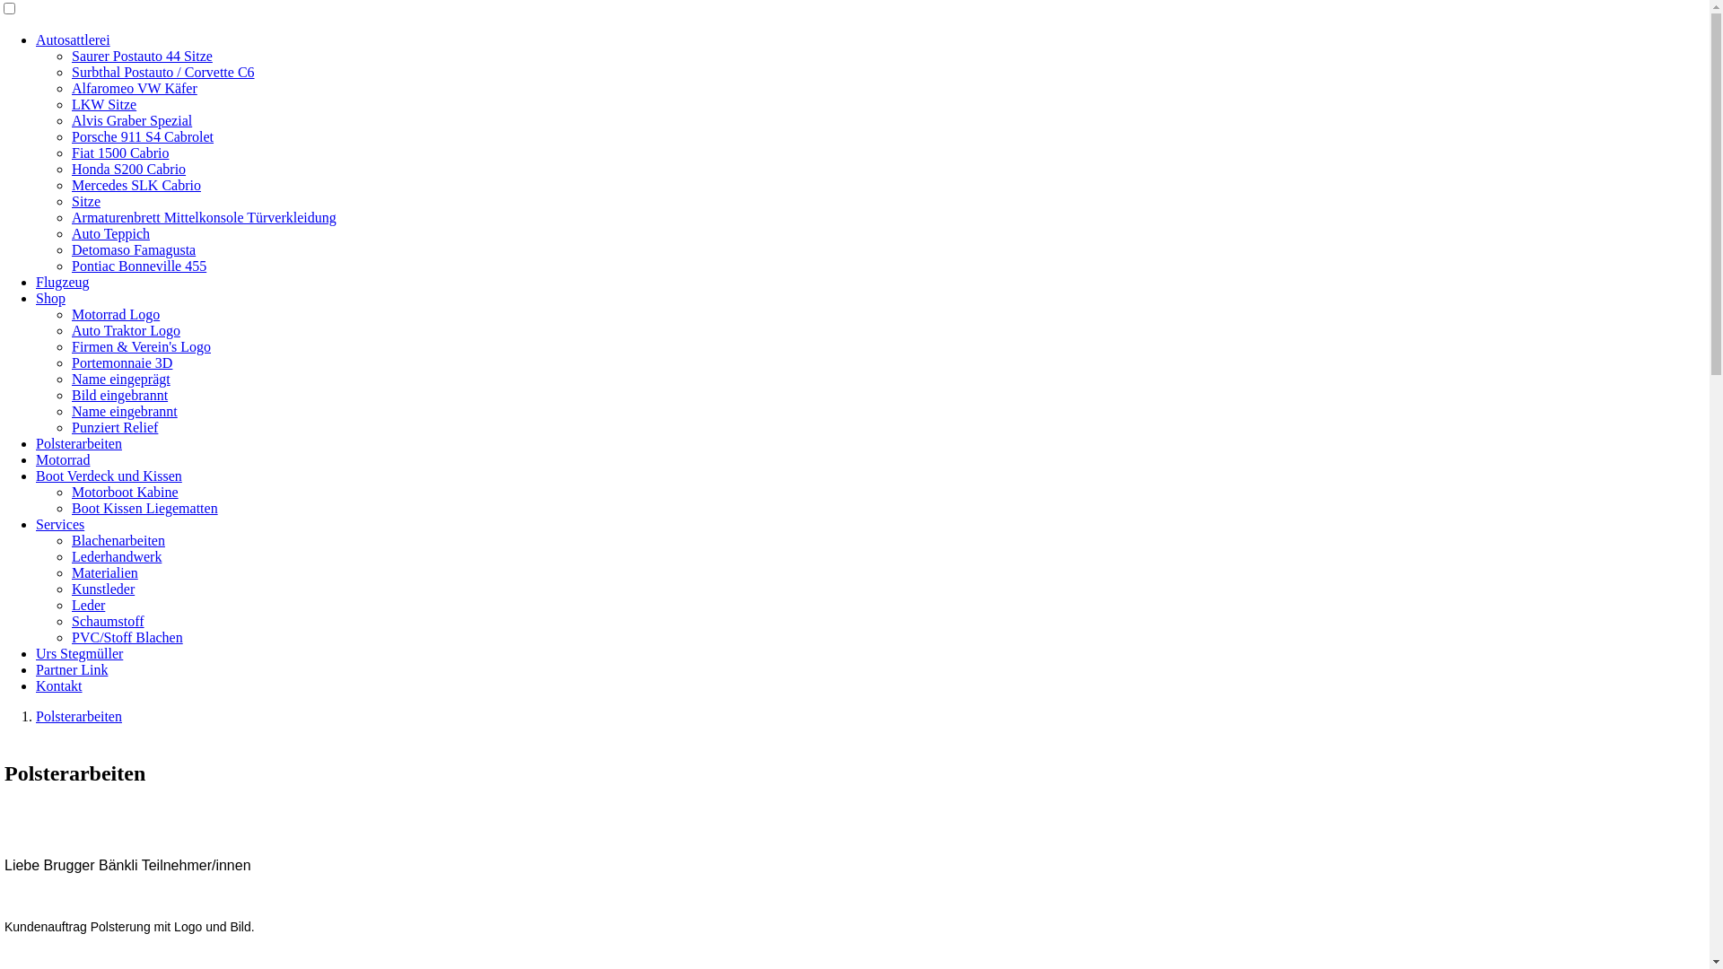 The height and width of the screenshot is (969, 1723). I want to click on 'Leder', so click(87, 605).